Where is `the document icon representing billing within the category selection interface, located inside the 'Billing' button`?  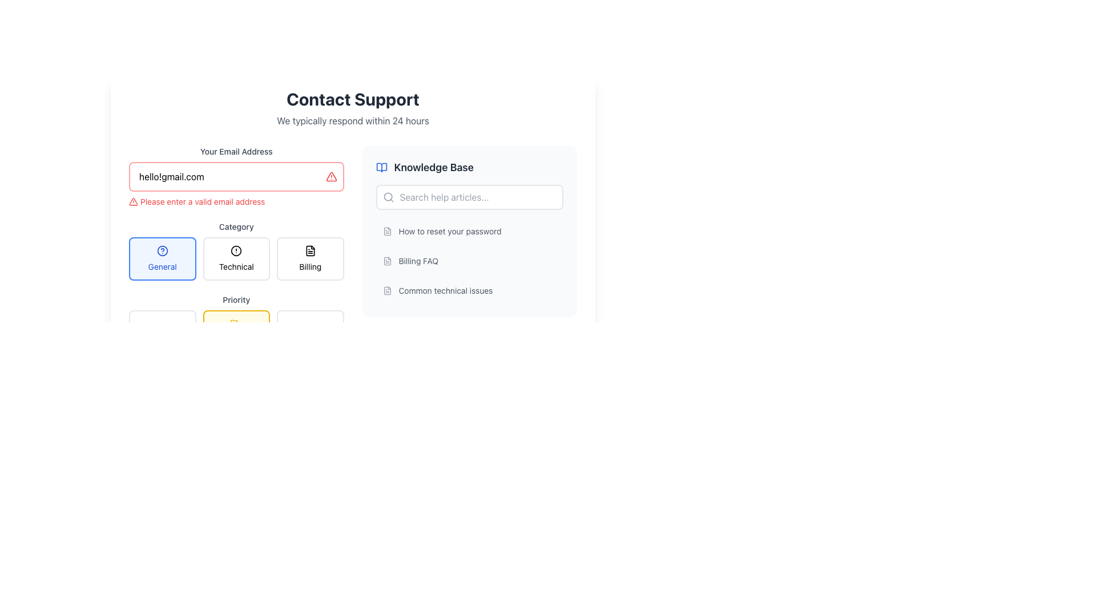
the document icon representing billing within the category selection interface, located inside the 'Billing' button is located at coordinates (310, 250).